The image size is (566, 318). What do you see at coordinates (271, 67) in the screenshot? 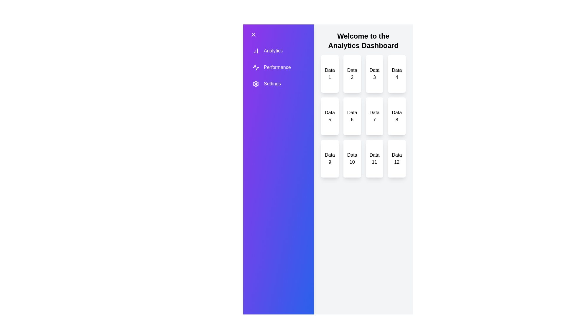
I see `the 'Performance' menu item` at bounding box center [271, 67].